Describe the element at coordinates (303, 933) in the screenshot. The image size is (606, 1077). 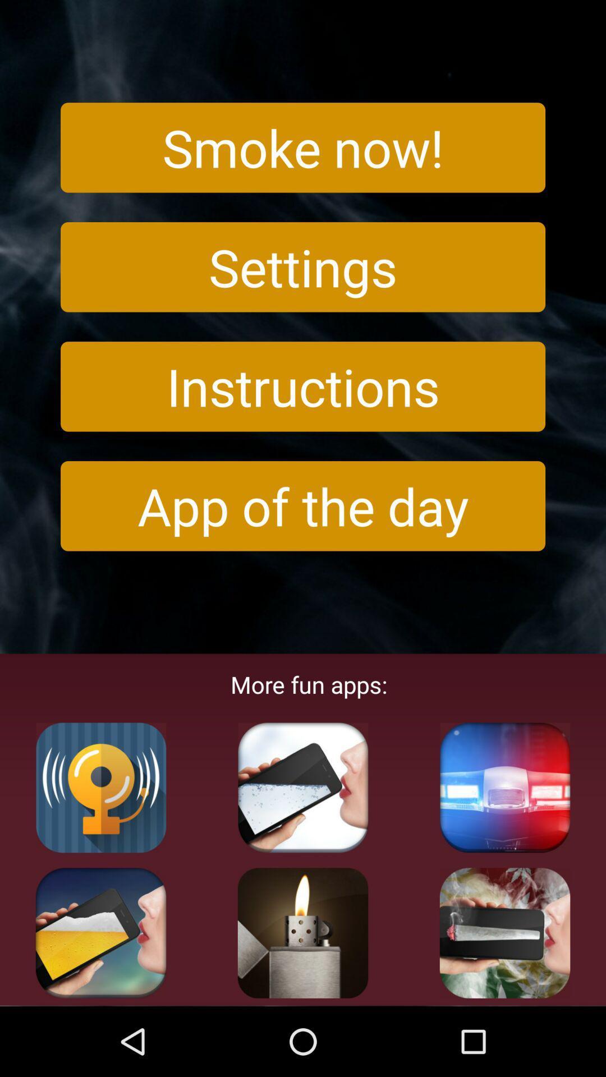
I see `share the article` at that location.